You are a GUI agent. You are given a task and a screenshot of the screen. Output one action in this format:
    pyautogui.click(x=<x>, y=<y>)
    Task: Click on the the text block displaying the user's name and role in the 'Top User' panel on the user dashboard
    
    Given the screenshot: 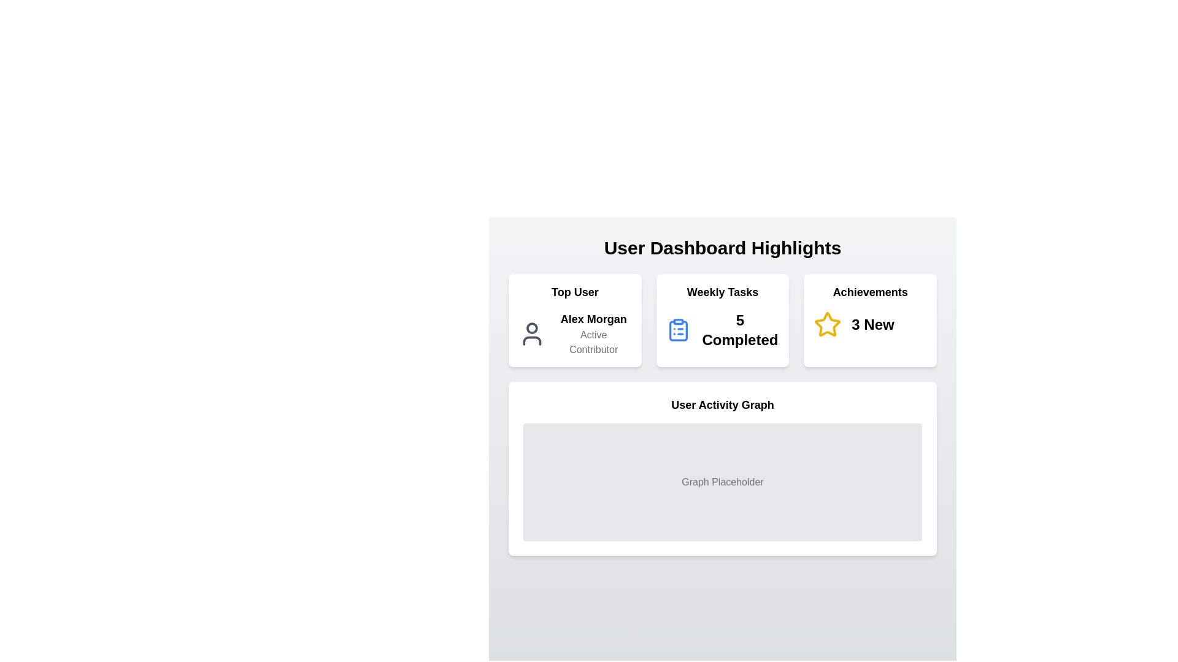 What is the action you would take?
    pyautogui.click(x=593, y=333)
    